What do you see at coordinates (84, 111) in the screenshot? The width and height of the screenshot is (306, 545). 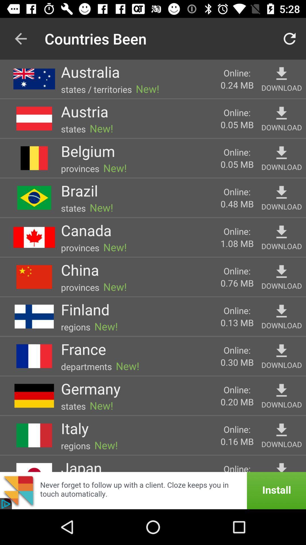 I see `item above new!` at bounding box center [84, 111].